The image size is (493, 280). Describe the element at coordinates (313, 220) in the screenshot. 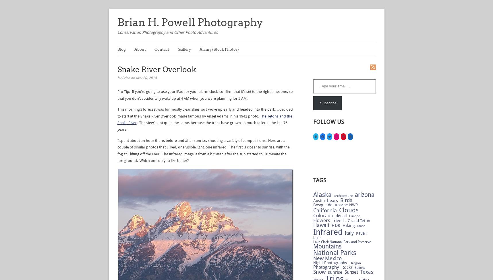

I see `'Flowers'` at that location.